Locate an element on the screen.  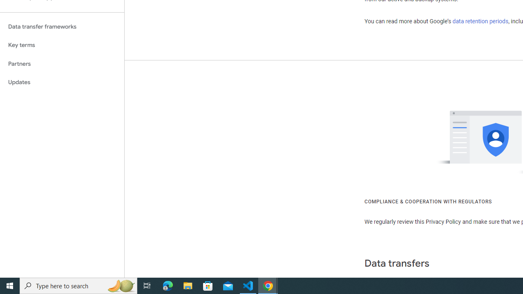
'File Explorer' is located at coordinates (188, 285).